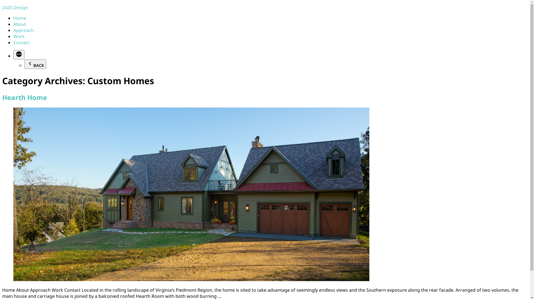 The image size is (534, 300). What do you see at coordinates (15, 7) in the screenshot?
I see `'2420 Design'` at bounding box center [15, 7].